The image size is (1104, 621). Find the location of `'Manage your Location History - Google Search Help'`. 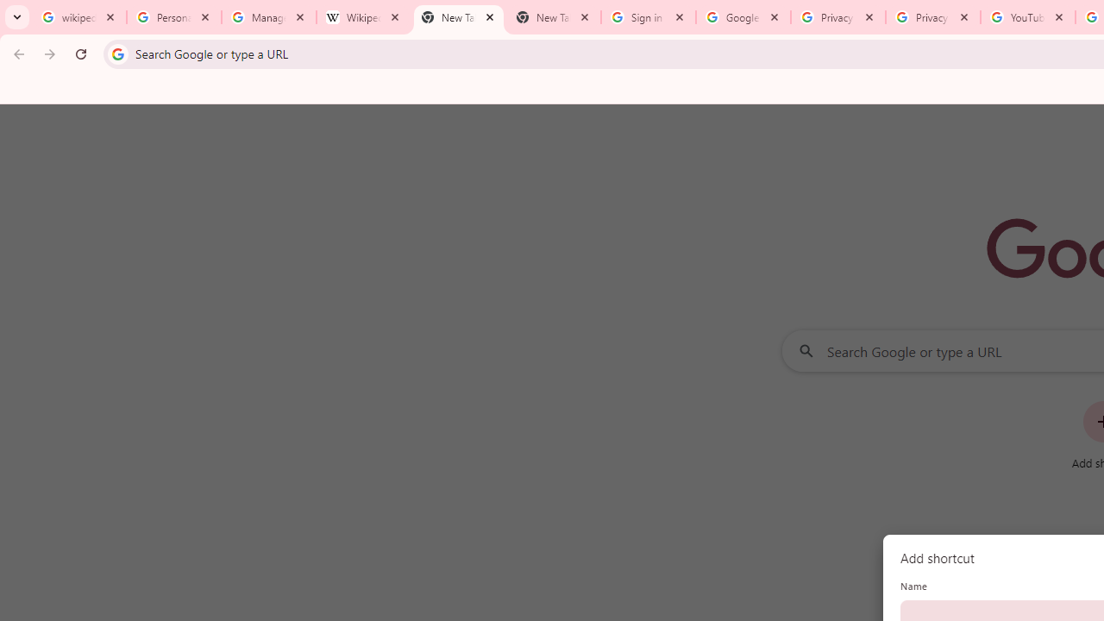

'Manage your Location History - Google Search Help' is located at coordinates (268, 17).